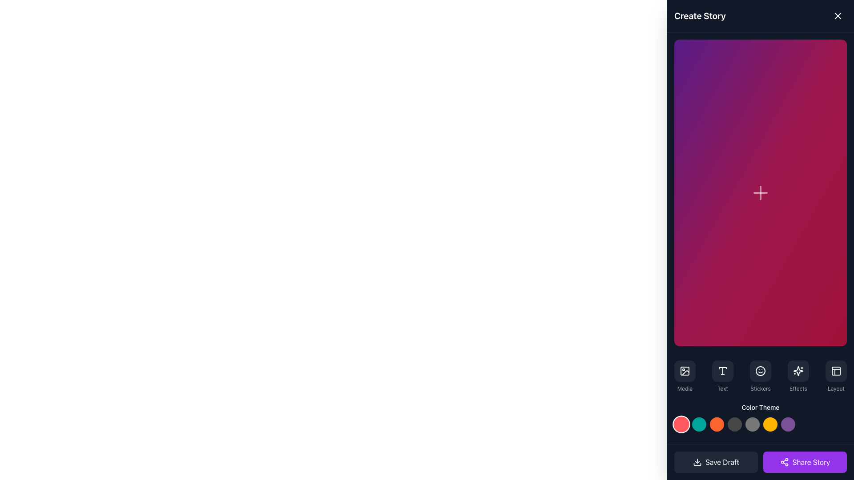  Describe the element at coordinates (798, 371) in the screenshot. I see `the sparkle icon in the Effects section` at that location.